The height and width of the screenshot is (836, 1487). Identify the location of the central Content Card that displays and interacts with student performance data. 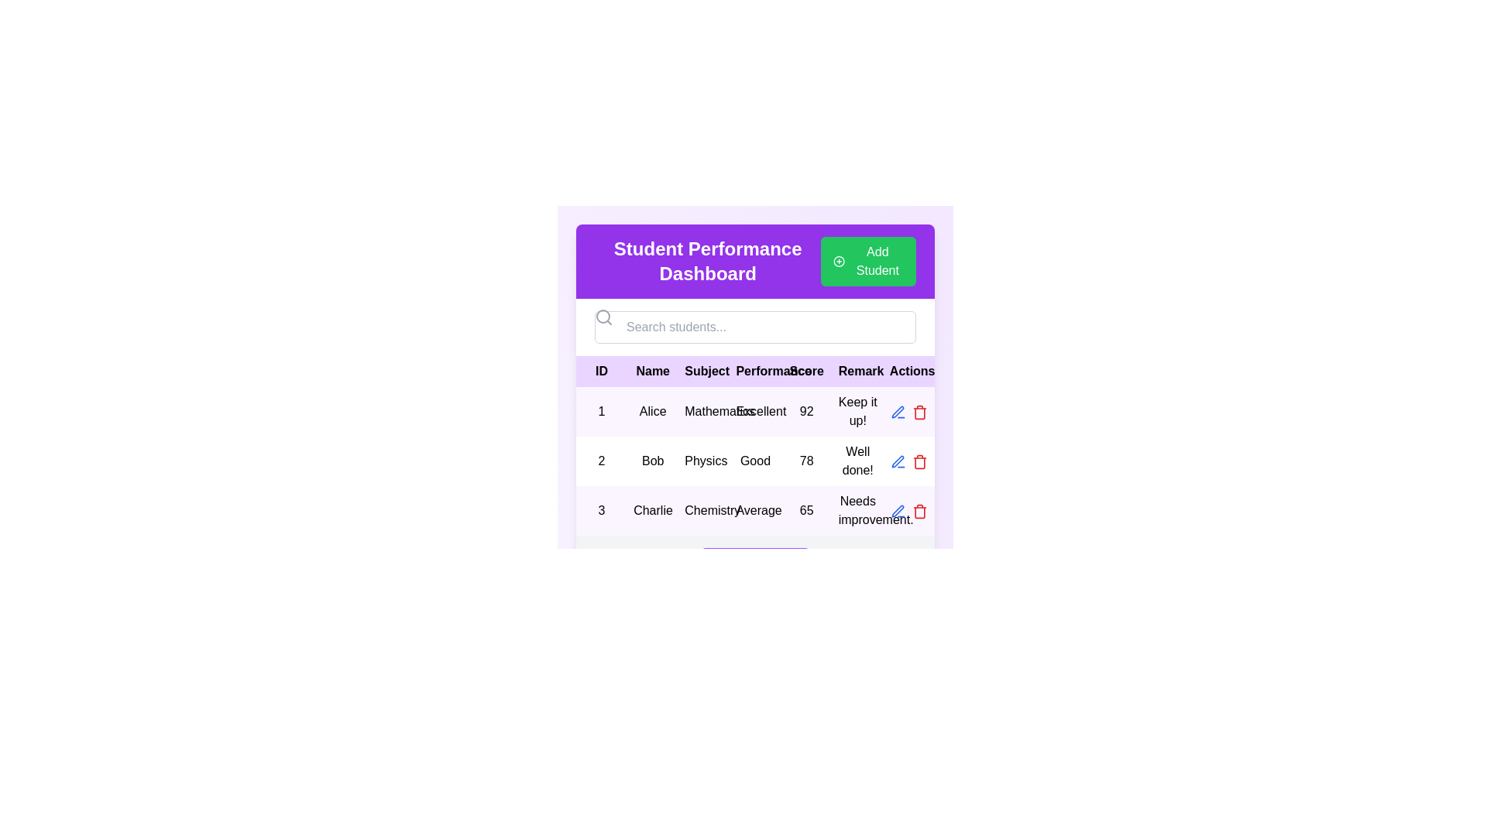
(755, 407).